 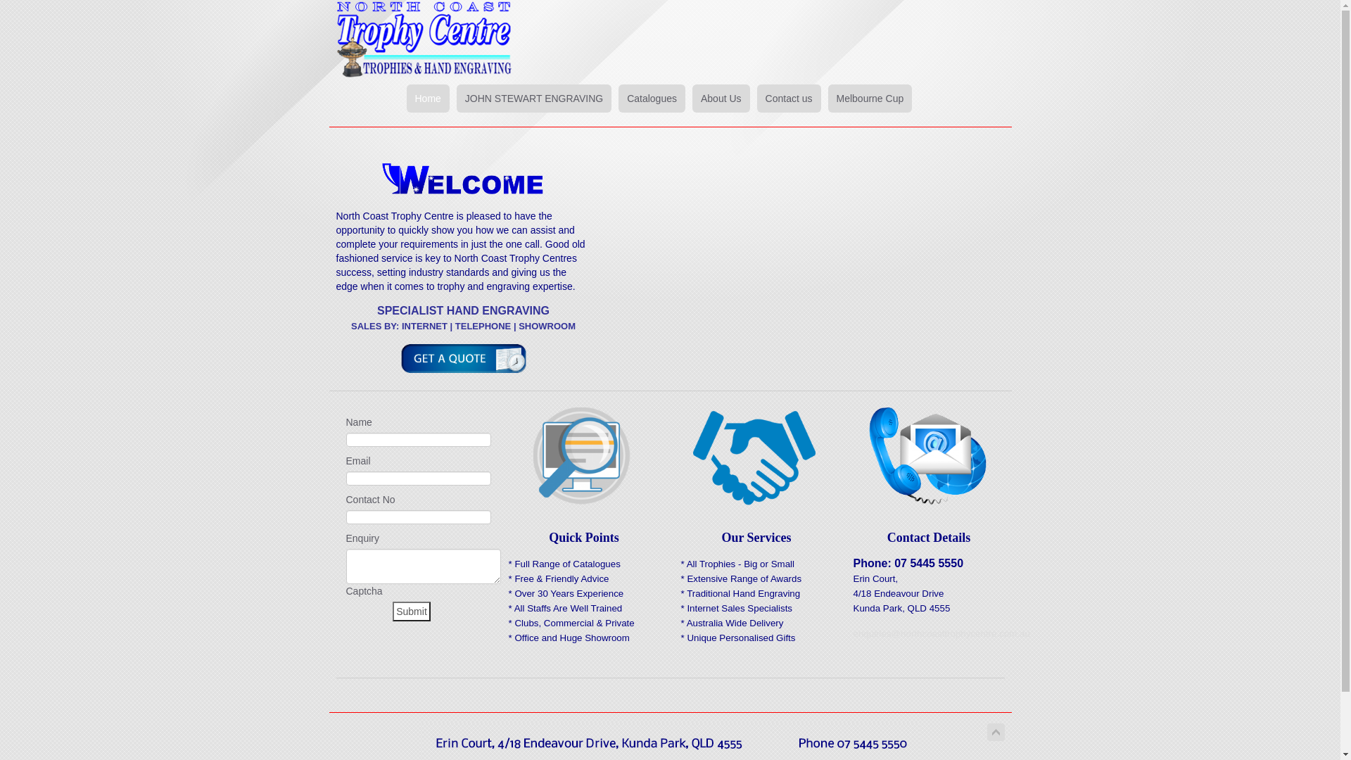 What do you see at coordinates (789, 97) in the screenshot?
I see `'Contact us'` at bounding box center [789, 97].